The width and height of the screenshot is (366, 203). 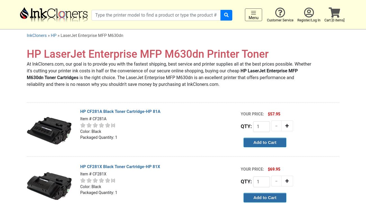 I want to click on 'HP', so click(x=53, y=35).